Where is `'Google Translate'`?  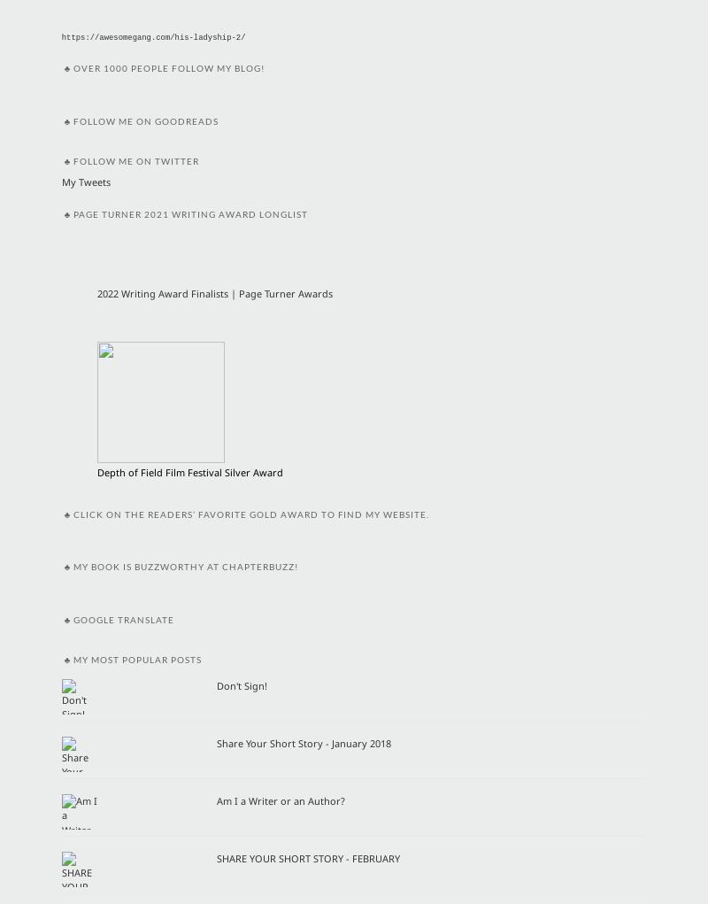 'Google Translate' is located at coordinates (123, 619).